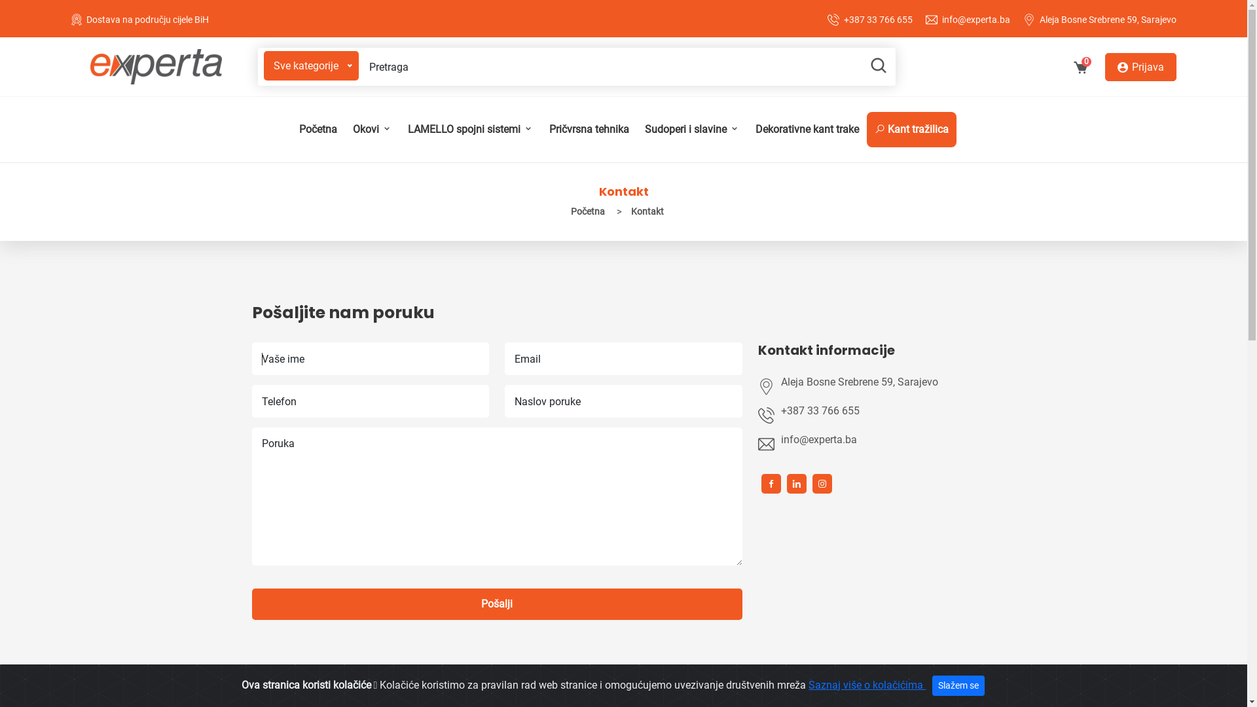  Describe the element at coordinates (888, 382) in the screenshot. I see `'Aleja Bosne Srebrene 59, Sarajevo'` at that location.